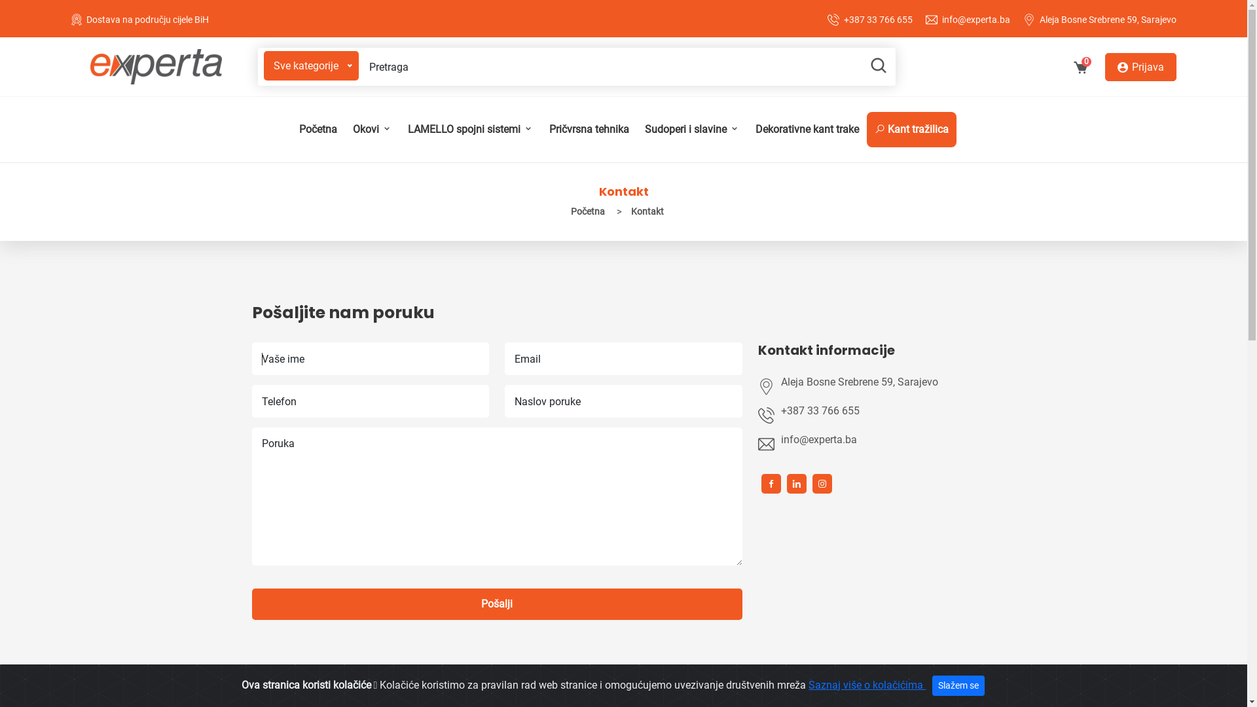  Describe the element at coordinates (888, 382) in the screenshot. I see `'Aleja Bosne Srebrene 59, Sarajevo'` at that location.